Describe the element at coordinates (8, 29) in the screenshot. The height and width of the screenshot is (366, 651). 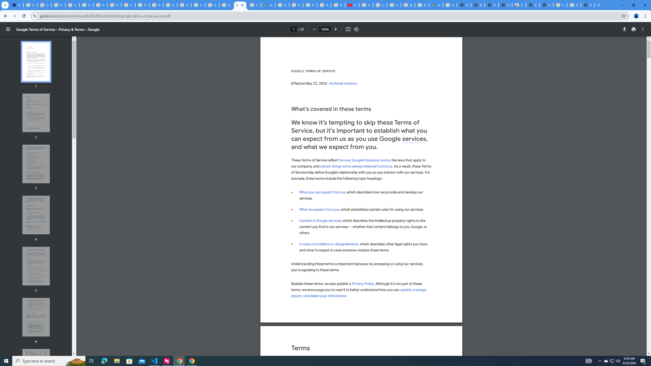
I see `'Menu'` at that location.